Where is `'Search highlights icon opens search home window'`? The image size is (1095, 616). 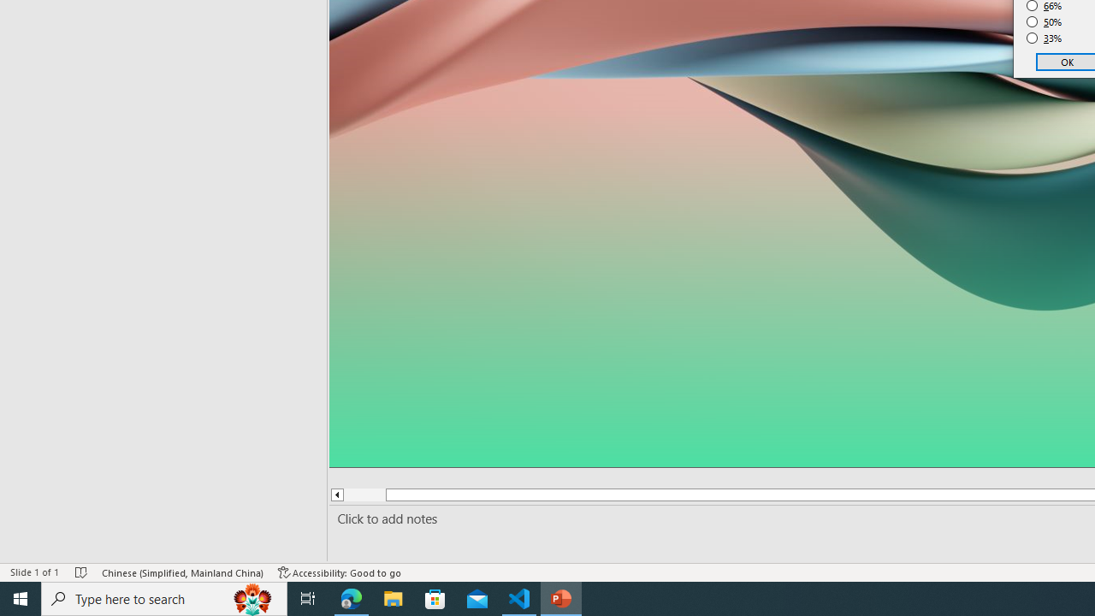 'Search highlights icon opens search home window' is located at coordinates (252, 597).